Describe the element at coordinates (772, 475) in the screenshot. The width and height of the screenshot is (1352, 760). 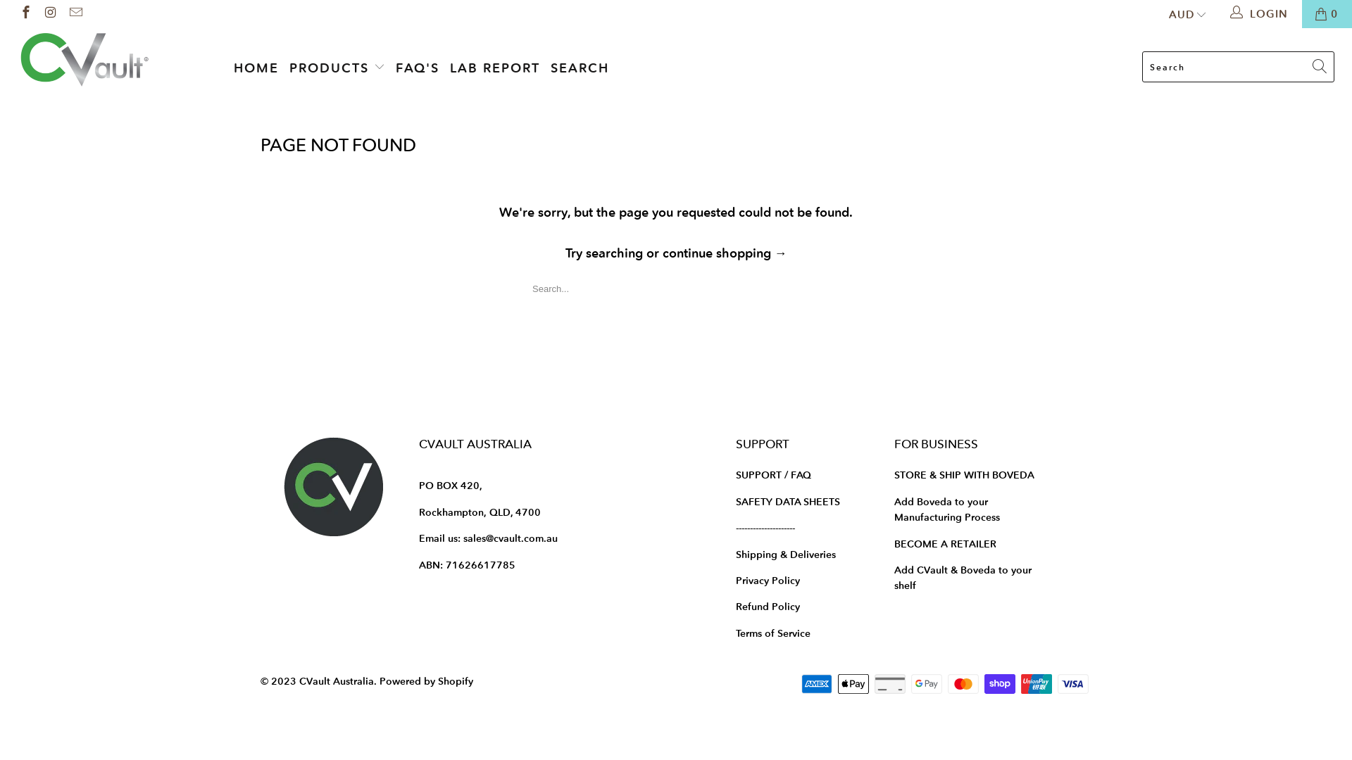
I see `'SUPPORT / FAQ'` at that location.